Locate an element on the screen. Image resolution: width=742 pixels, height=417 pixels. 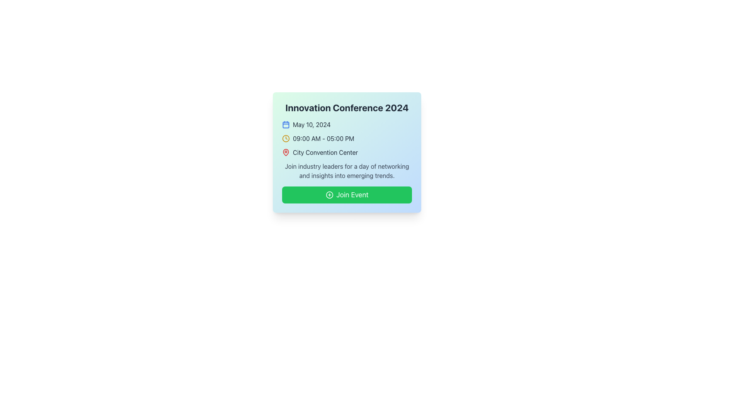
the central circular feature of the clock icon, which is a graphical element filled with color, representing a hand or decorative style is located at coordinates (285, 138).